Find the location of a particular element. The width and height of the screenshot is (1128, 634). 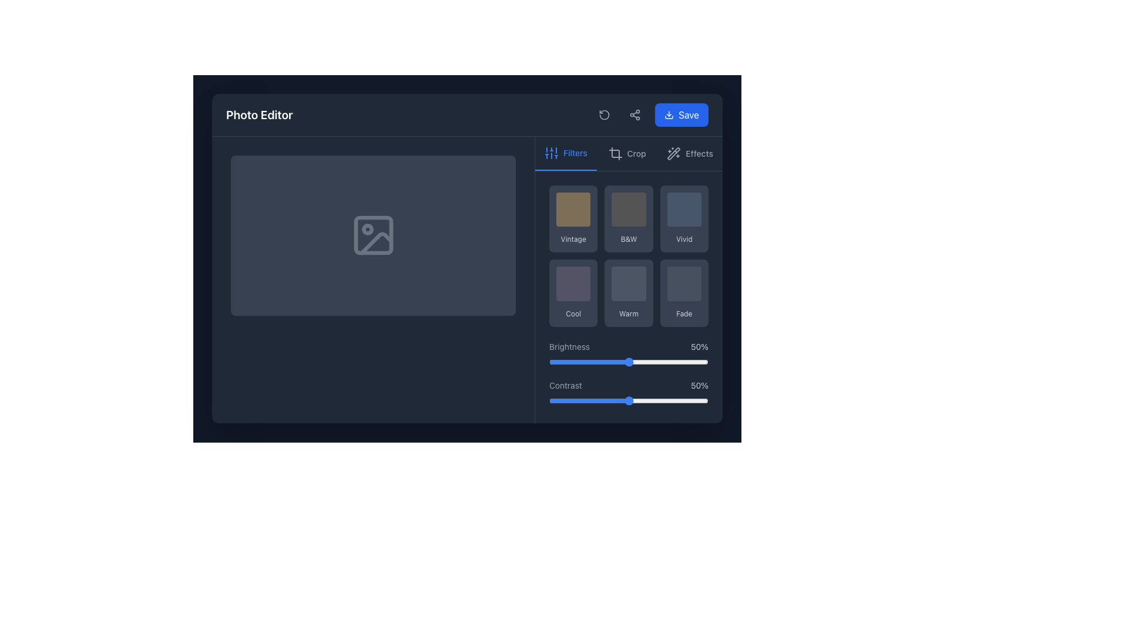

the slider is located at coordinates (692, 361).